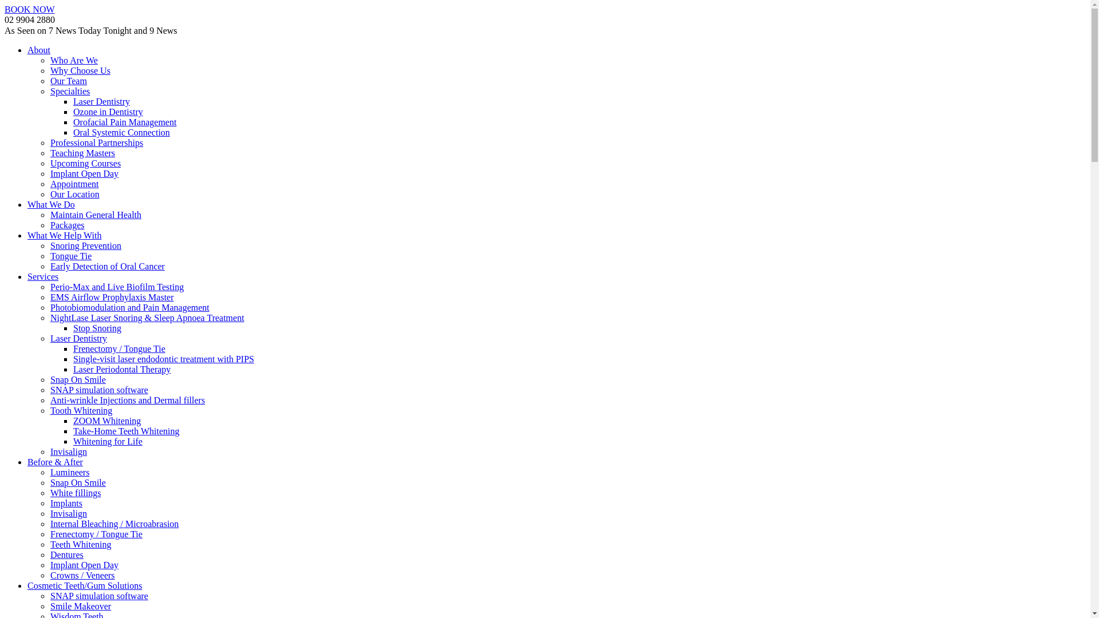 This screenshot has width=1099, height=618. Describe the element at coordinates (49, 524) in the screenshot. I see `'Internal Bleaching / Microabrasion'` at that location.